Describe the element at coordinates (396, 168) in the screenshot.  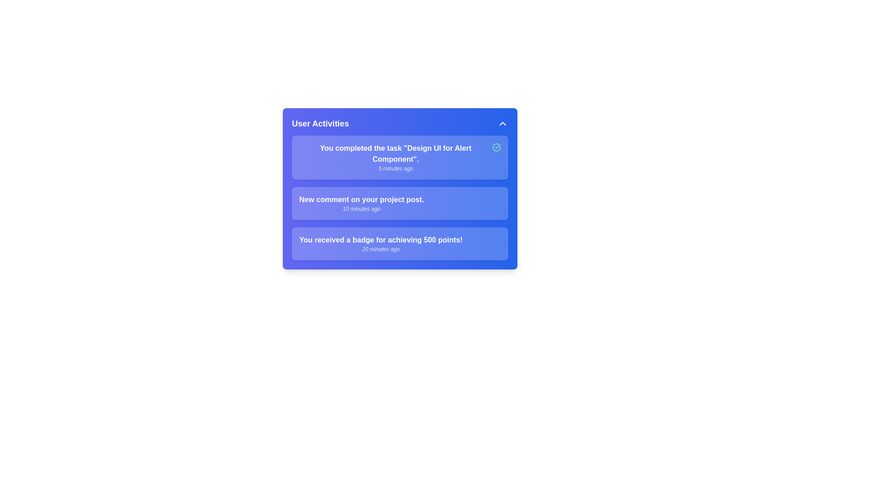
I see `the Text label displaying the timestamp for the completed task located beneath 'You completed the task "Design UI for Alert Component"' in the 'User Activities' section` at that location.